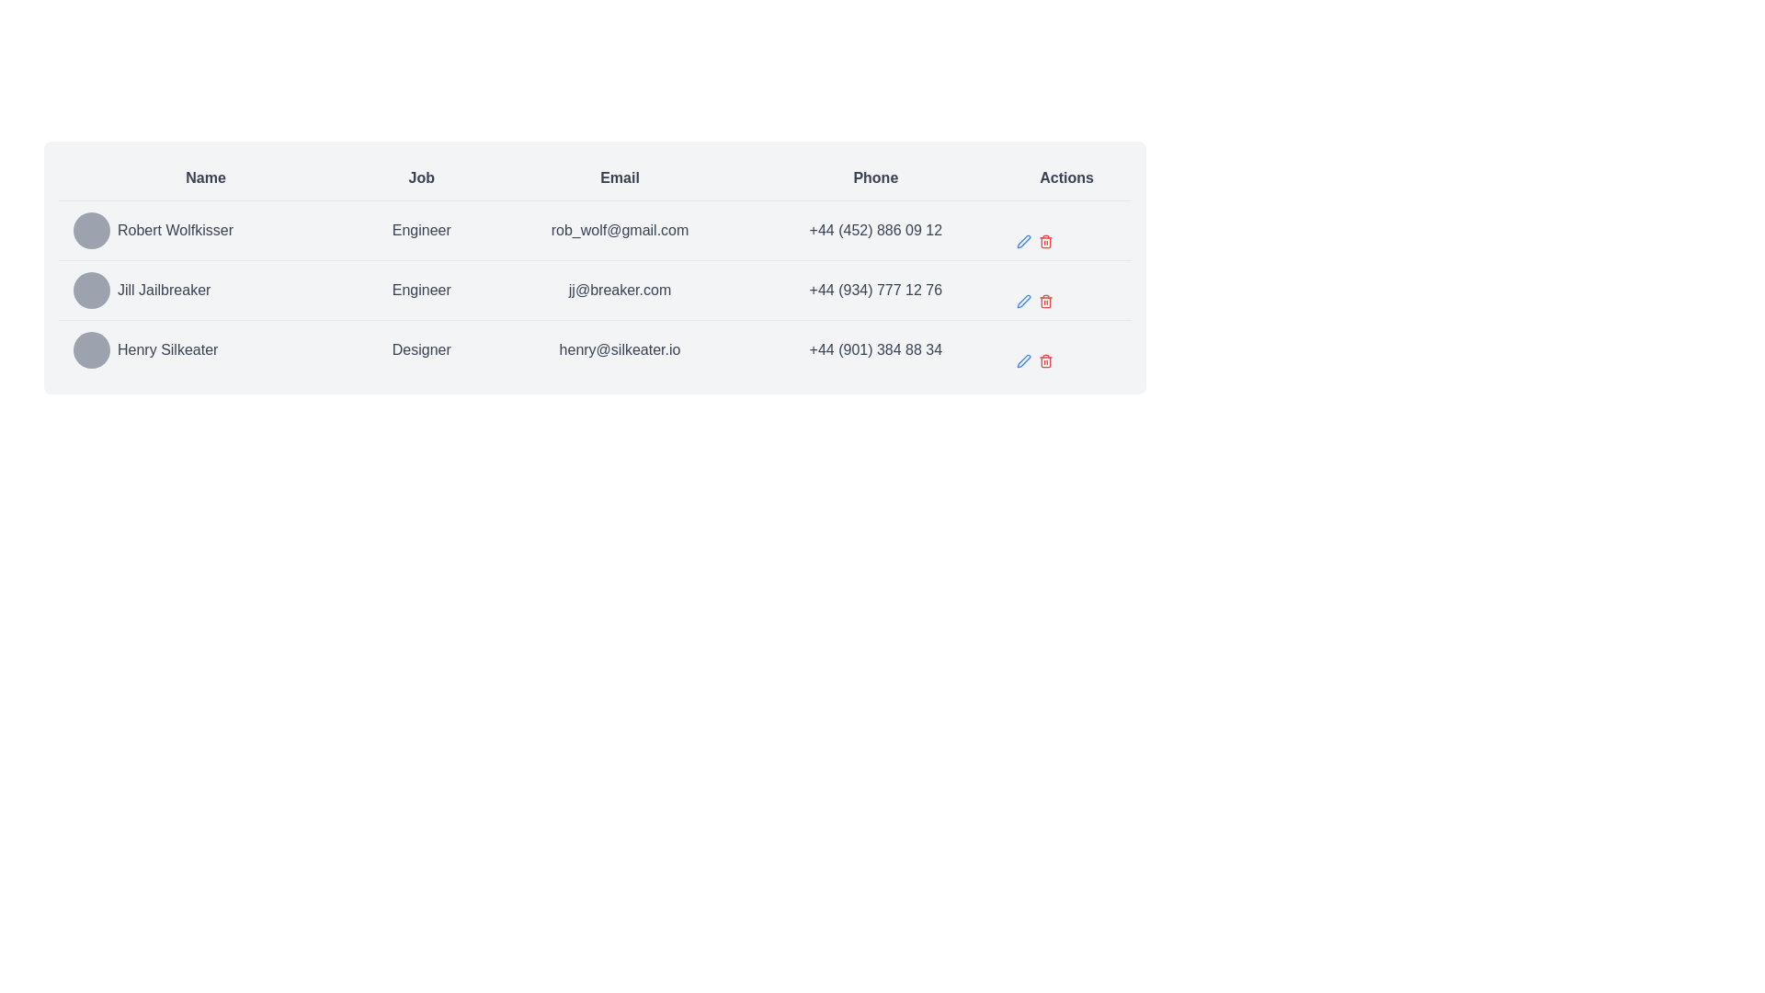 This screenshot has width=1765, height=993. I want to click on text displayed as 'henry@silkeater.io' in the third row of the table under the 'Email' column, so click(620, 349).